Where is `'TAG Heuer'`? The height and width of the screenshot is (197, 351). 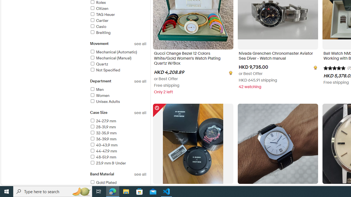
'TAG Heuer' is located at coordinates (118, 15).